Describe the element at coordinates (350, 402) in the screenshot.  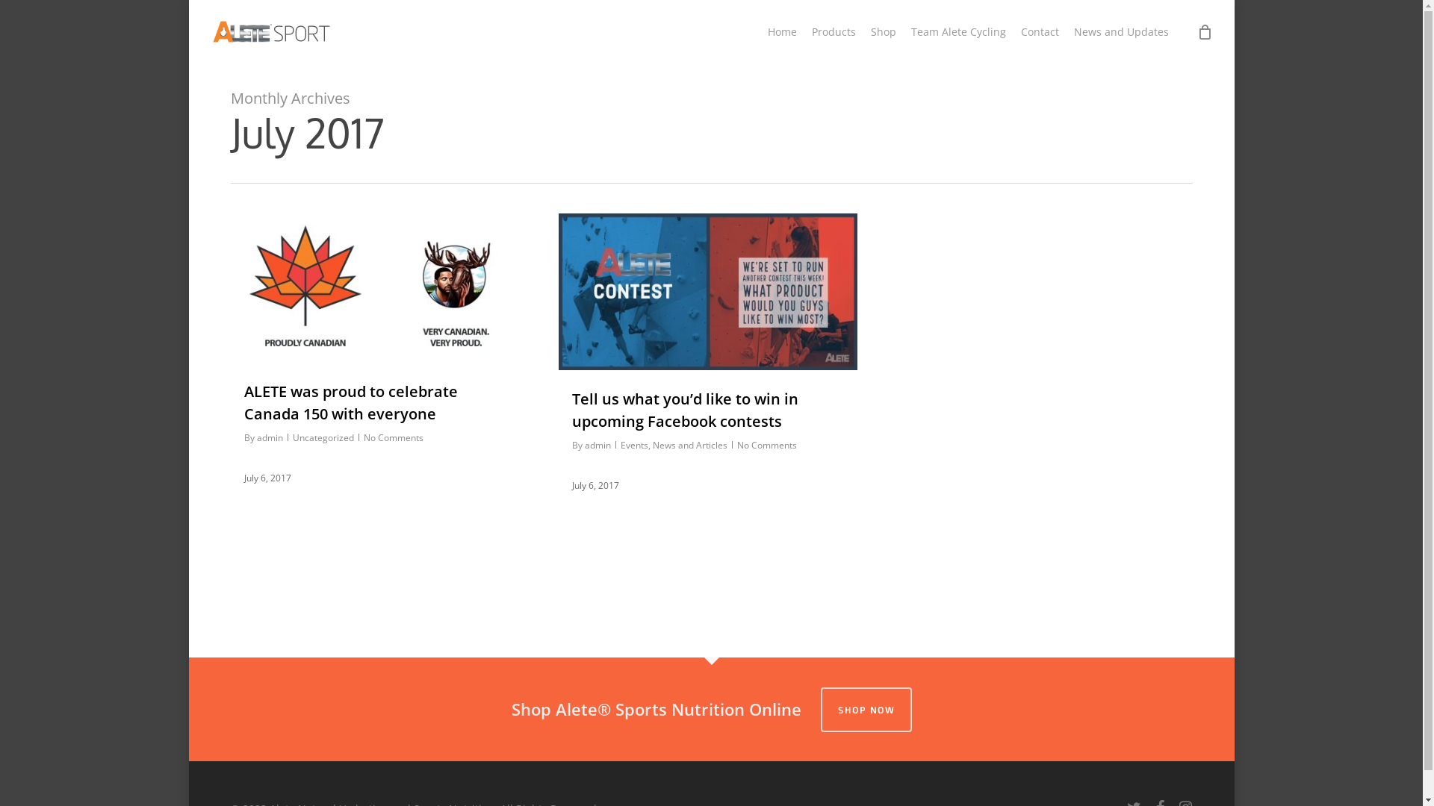
I see `'ALETE was proud to celebrate Canada 150 with everyone'` at that location.